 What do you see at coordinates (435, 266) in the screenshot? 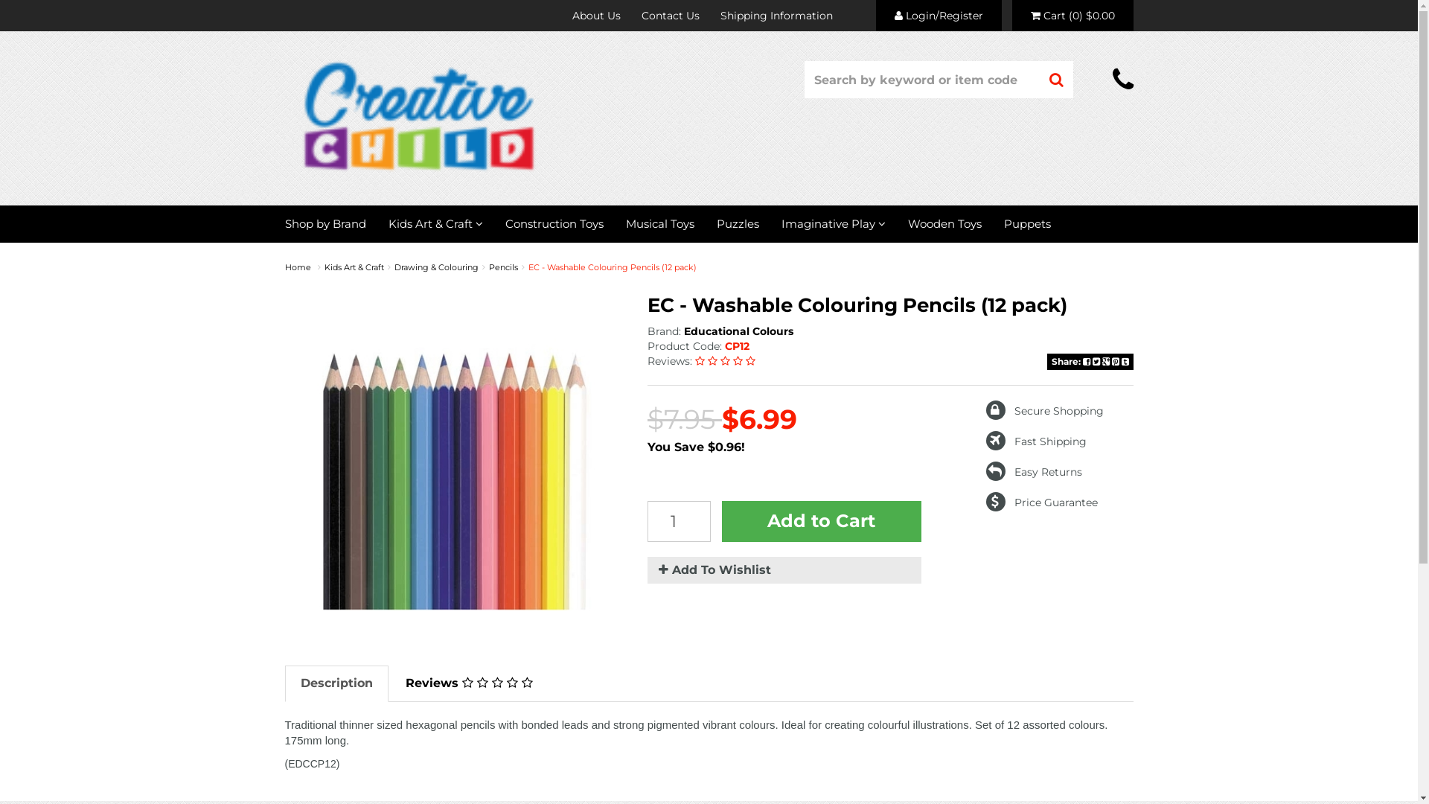
I see `'Drawing & Colouring'` at bounding box center [435, 266].